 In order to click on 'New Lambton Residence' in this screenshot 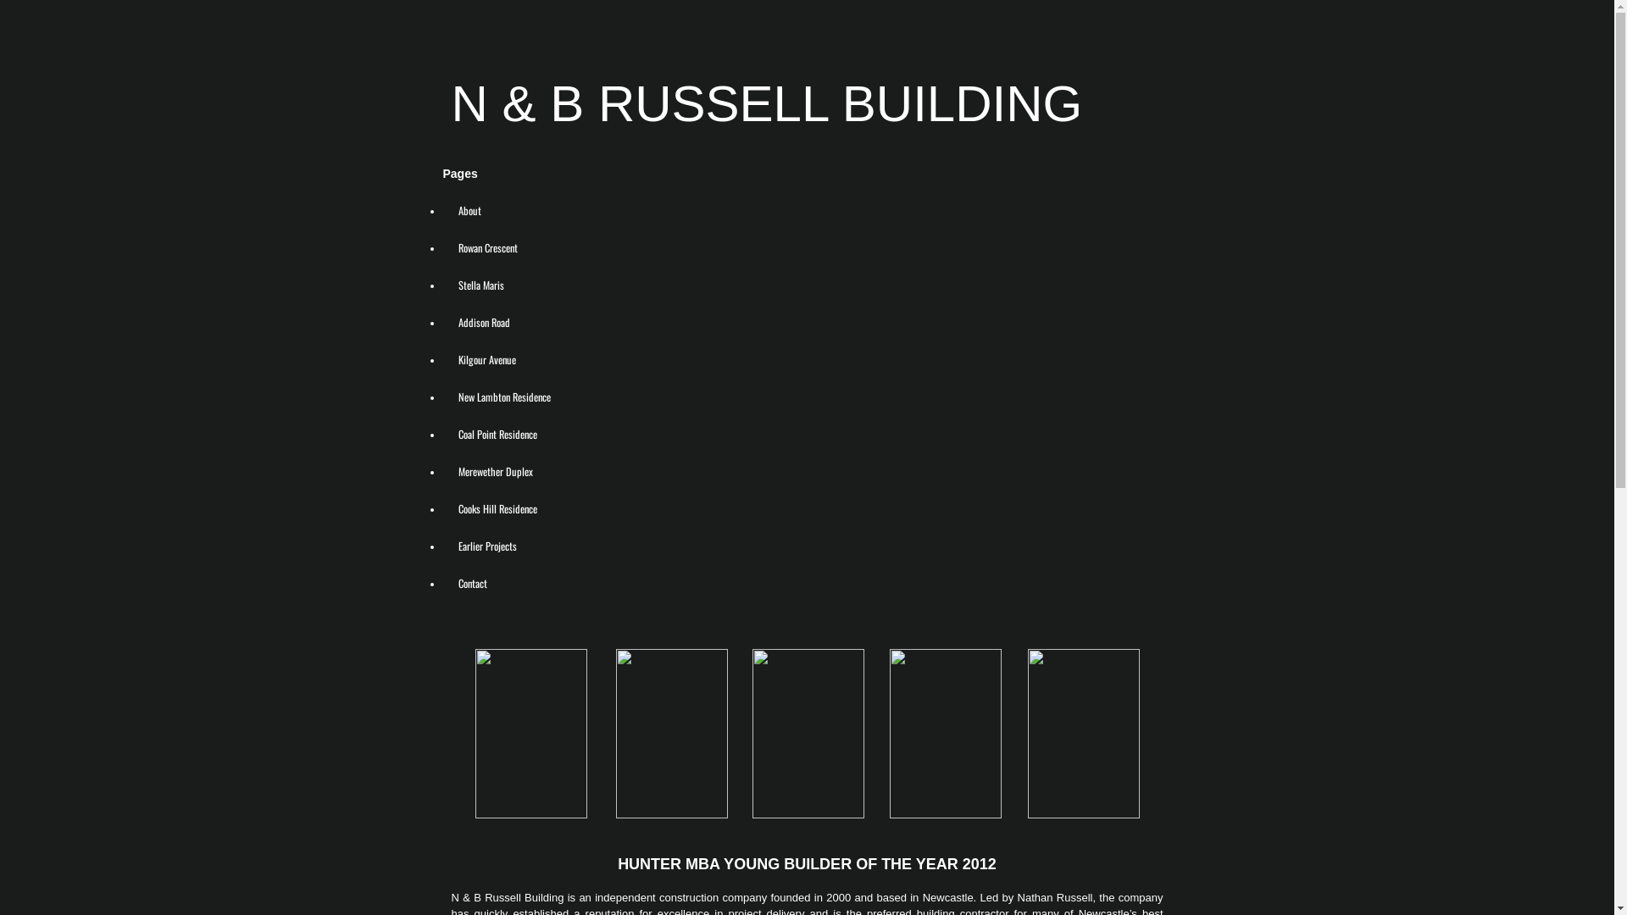, I will do `click(442, 396)`.